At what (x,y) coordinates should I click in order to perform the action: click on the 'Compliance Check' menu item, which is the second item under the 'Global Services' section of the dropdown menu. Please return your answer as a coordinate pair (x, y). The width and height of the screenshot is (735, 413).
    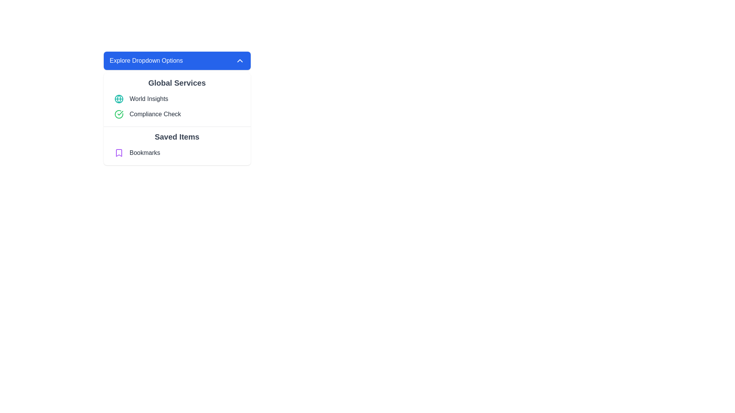
    Looking at the image, I should click on (176, 114).